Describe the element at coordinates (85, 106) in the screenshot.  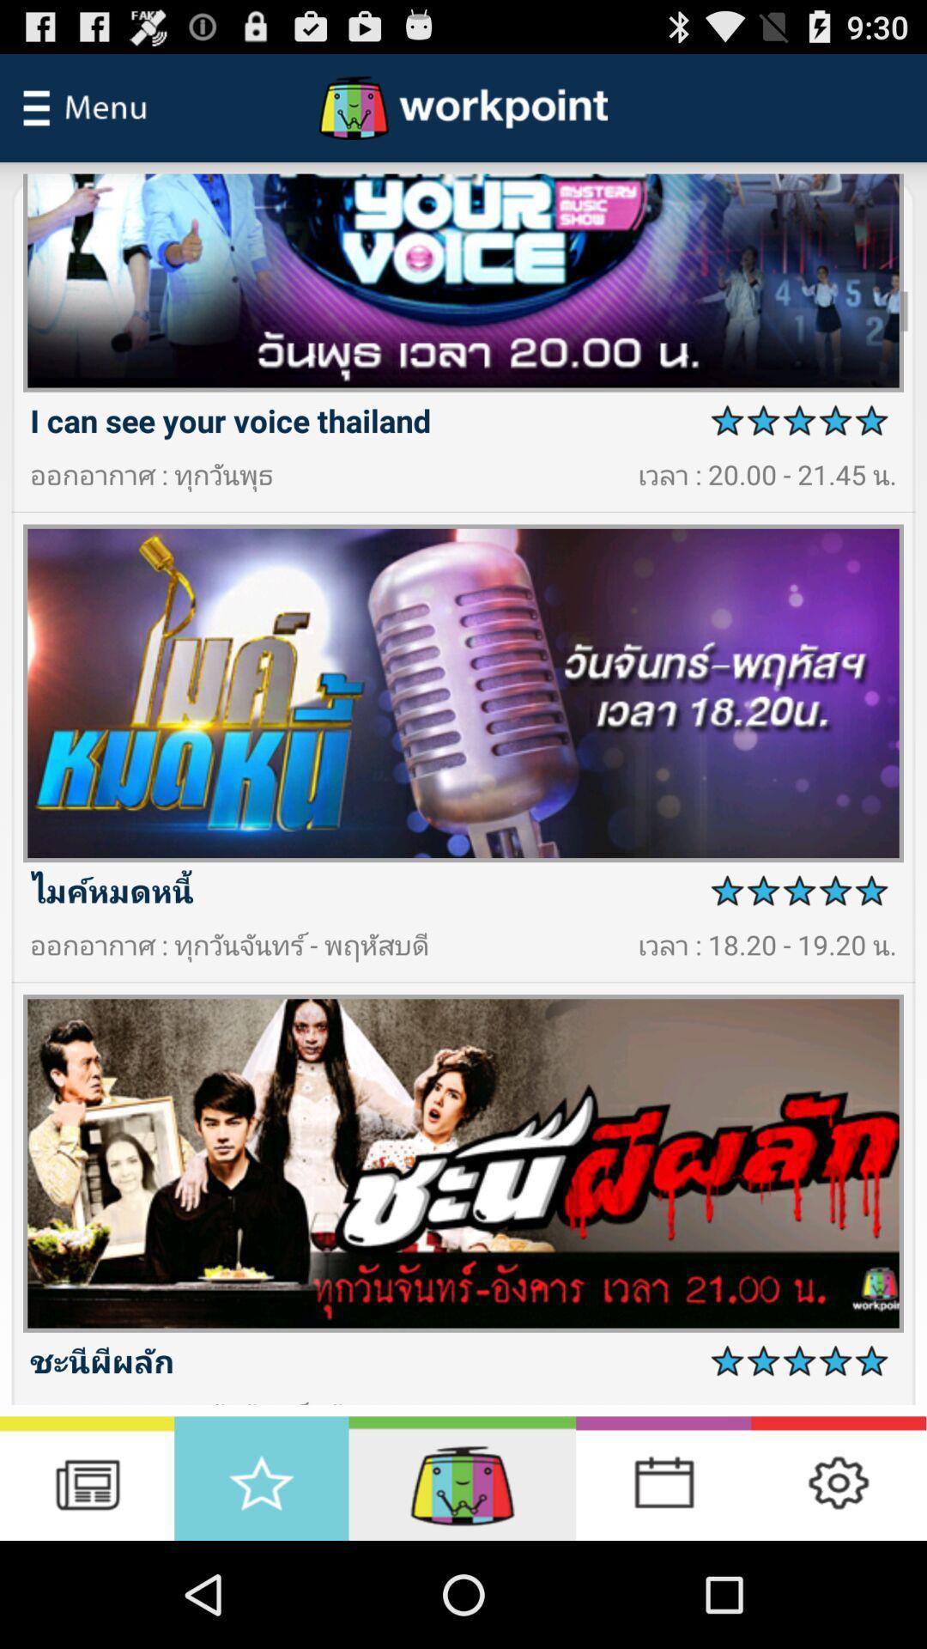
I see `menu` at that location.